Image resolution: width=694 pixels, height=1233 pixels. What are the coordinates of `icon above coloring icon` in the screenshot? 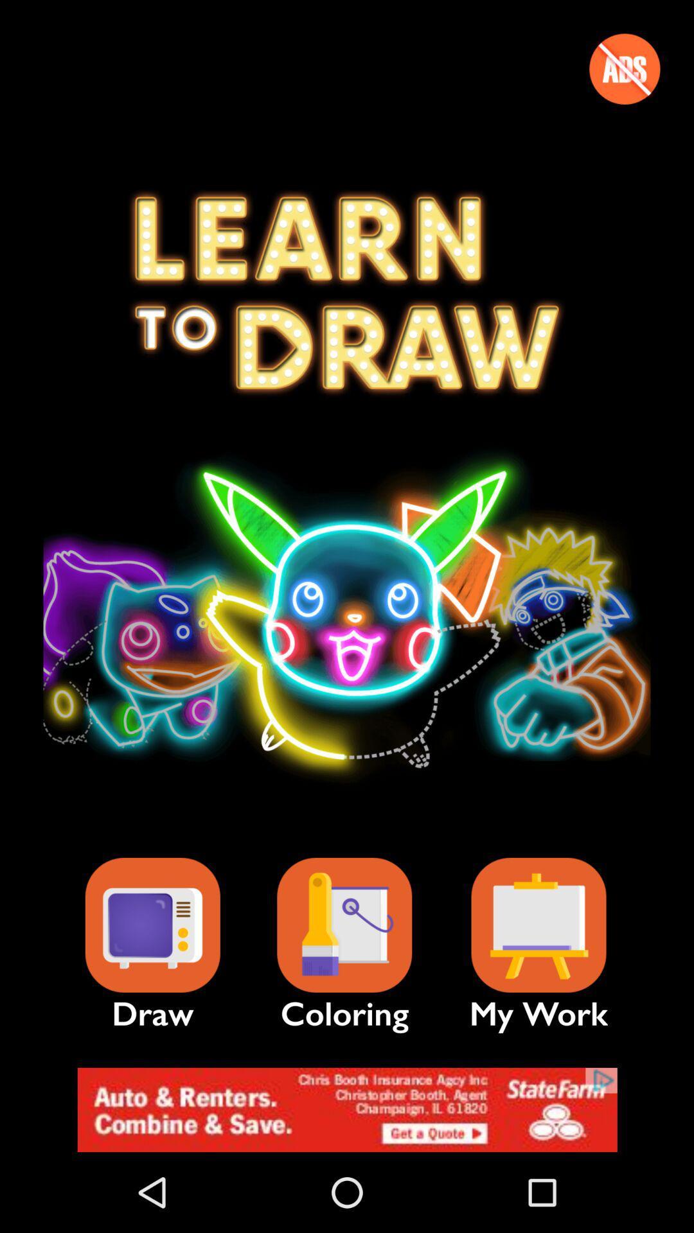 It's located at (344, 925).